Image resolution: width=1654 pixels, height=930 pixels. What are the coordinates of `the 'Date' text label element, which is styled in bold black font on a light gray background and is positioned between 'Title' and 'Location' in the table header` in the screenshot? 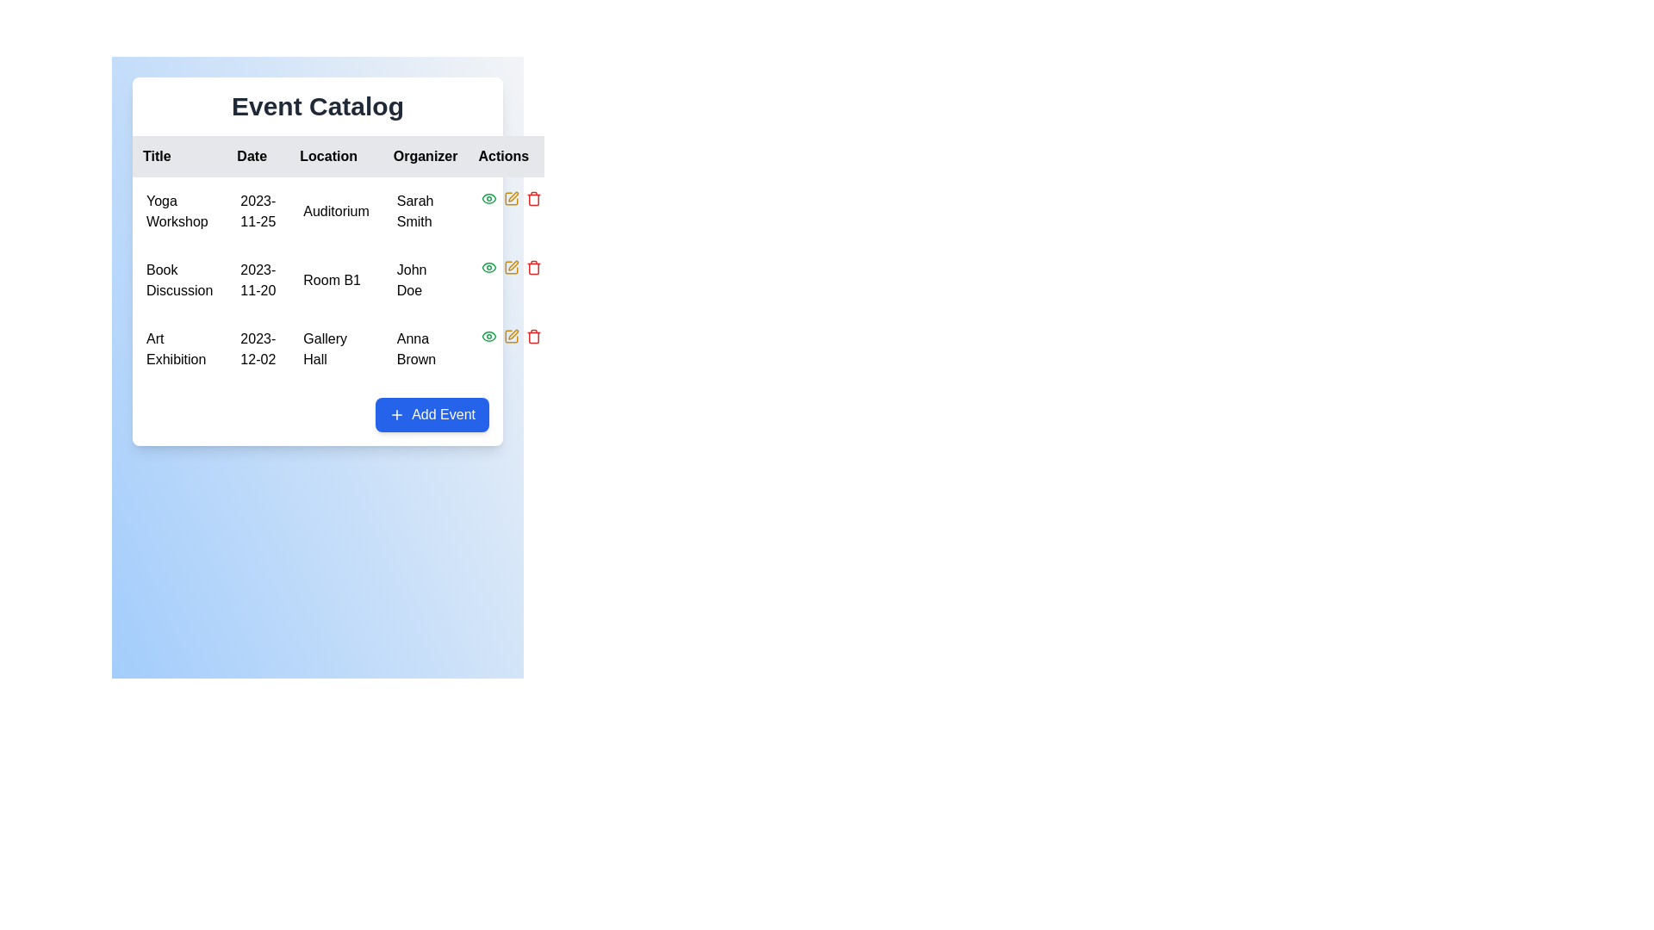 It's located at (257, 156).